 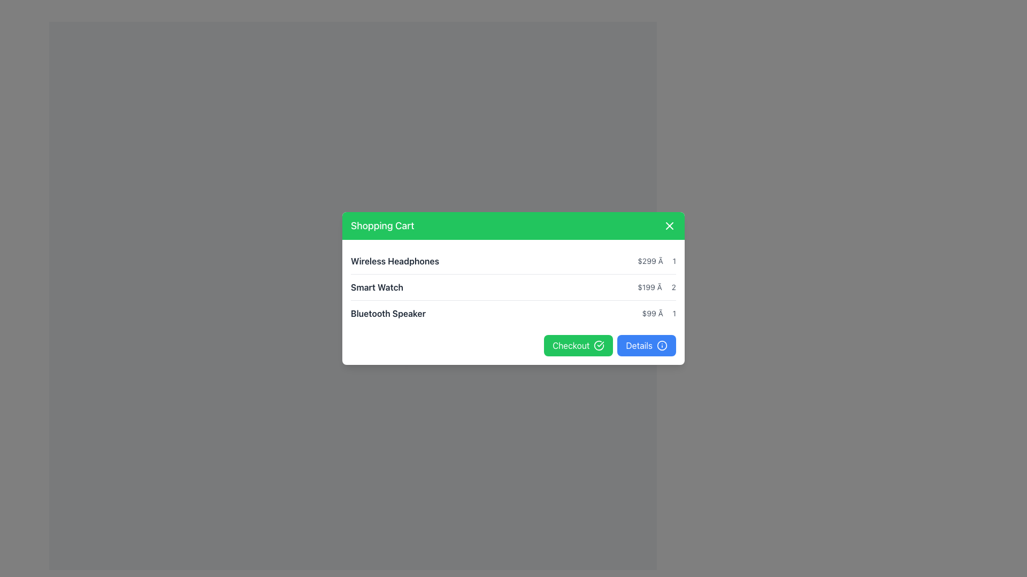 I want to click on the right-aligned pricing and quantity text for the 'Bluetooth Speaker' item, so click(x=658, y=313).